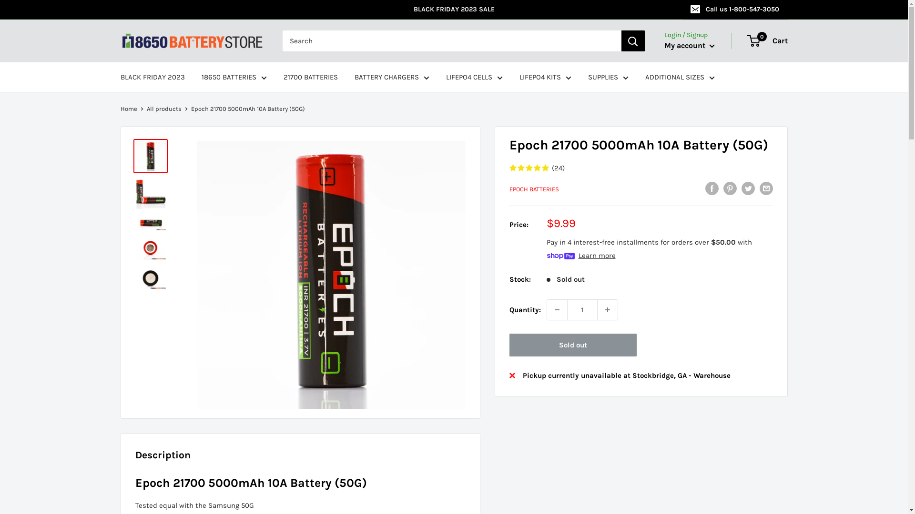 The width and height of the screenshot is (915, 514). I want to click on 'EPOCH BATTERIES', so click(533, 189).